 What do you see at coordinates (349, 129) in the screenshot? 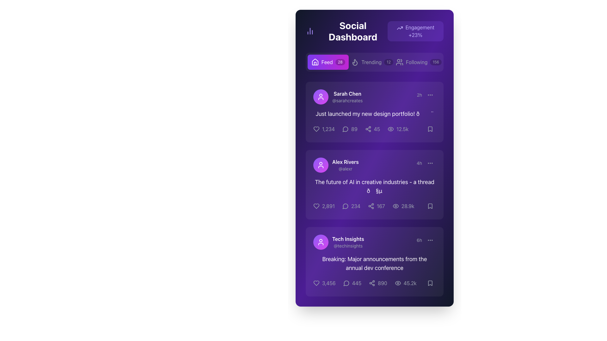
I see `the interactive element displaying the count of user comments or interactions, located between the heart icon and share icon` at bounding box center [349, 129].